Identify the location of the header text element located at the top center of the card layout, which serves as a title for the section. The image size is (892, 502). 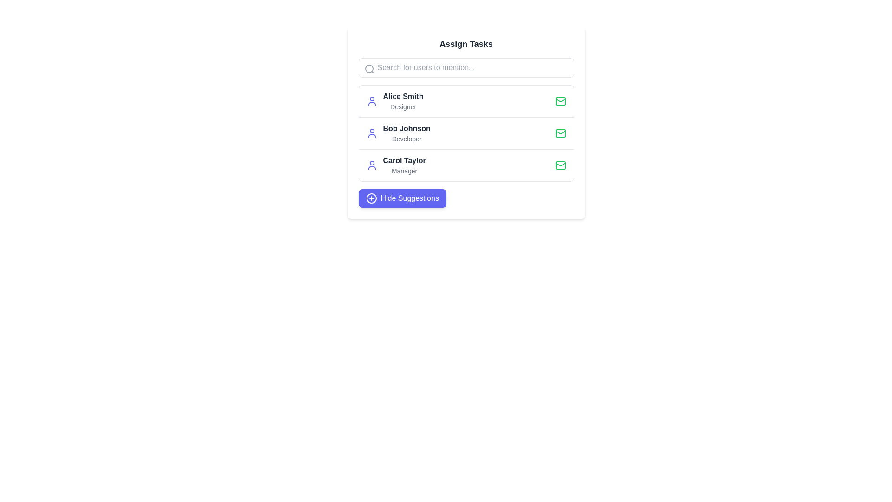
(466, 44).